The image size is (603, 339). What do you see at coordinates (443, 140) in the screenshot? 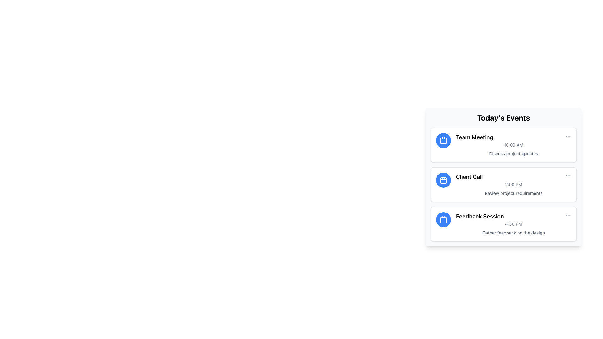
I see `the calendar entry icon located on the left side of the 'Team Meeting' card in the 'Today's Events' section` at bounding box center [443, 140].